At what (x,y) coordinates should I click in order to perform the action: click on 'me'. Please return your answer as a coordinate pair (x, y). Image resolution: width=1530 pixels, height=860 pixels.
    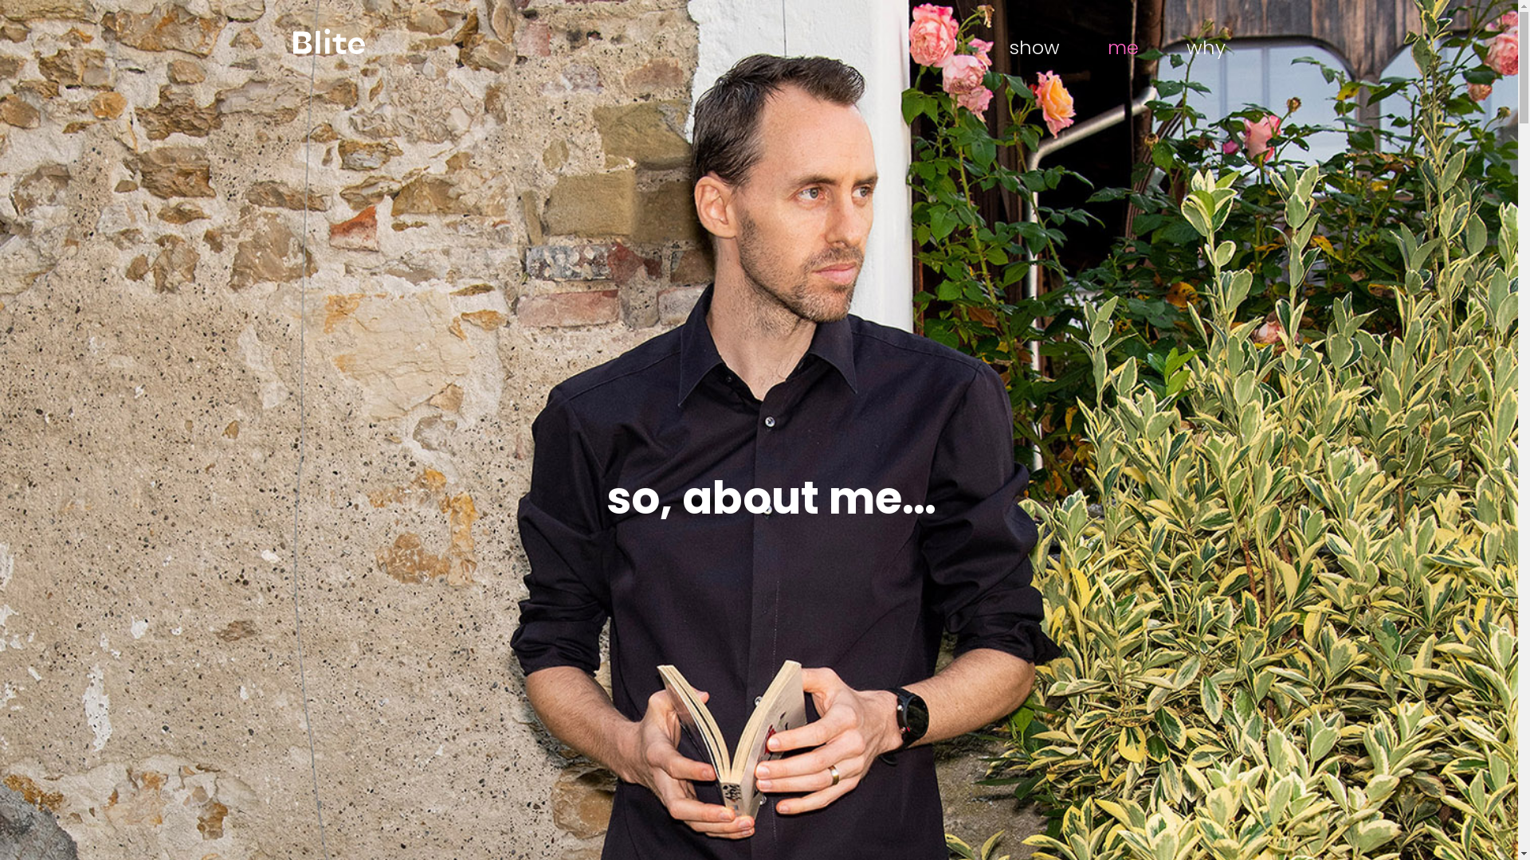
    Looking at the image, I should click on (1122, 48).